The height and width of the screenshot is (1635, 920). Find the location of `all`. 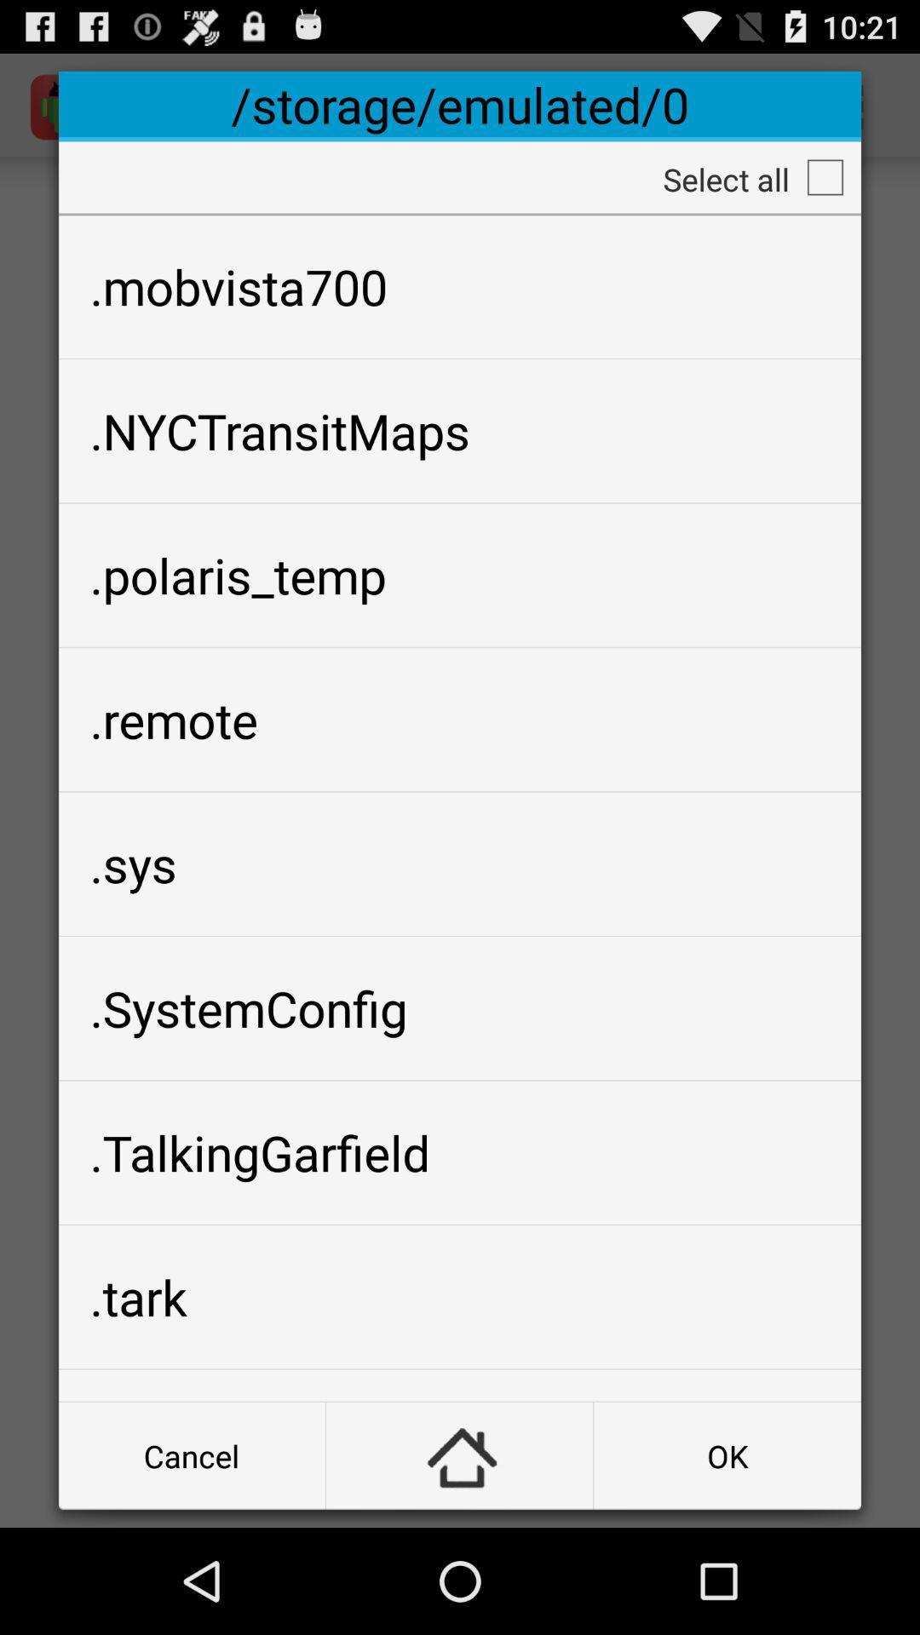

all is located at coordinates (824, 177).